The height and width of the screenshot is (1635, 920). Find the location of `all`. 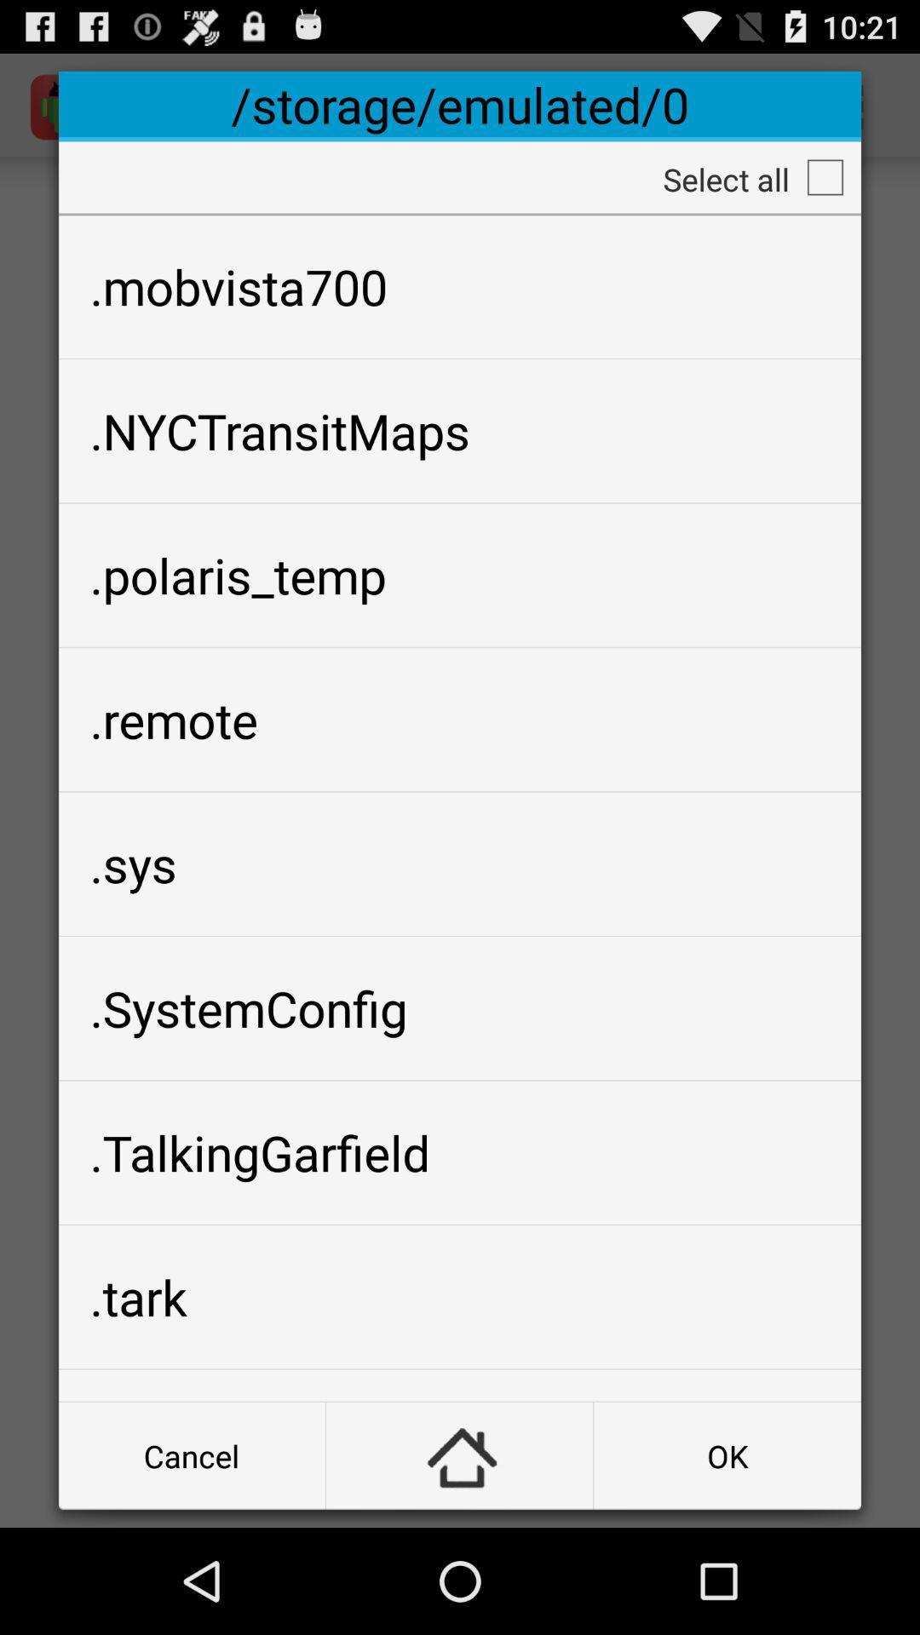

all is located at coordinates (824, 177).